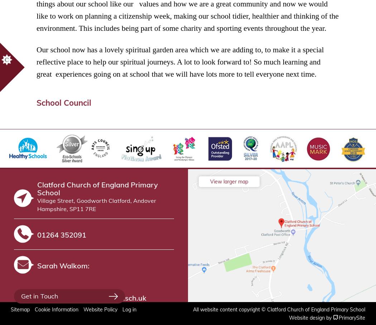 This screenshot has width=376, height=325. What do you see at coordinates (66, 208) in the screenshot?
I see `'Hampshire, SP11 7RE'` at bounding box center [66, 208].